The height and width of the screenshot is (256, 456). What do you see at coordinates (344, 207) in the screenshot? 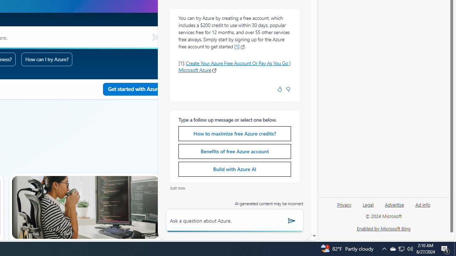
I see `'Privacy'` at bounding box center [344, 207].